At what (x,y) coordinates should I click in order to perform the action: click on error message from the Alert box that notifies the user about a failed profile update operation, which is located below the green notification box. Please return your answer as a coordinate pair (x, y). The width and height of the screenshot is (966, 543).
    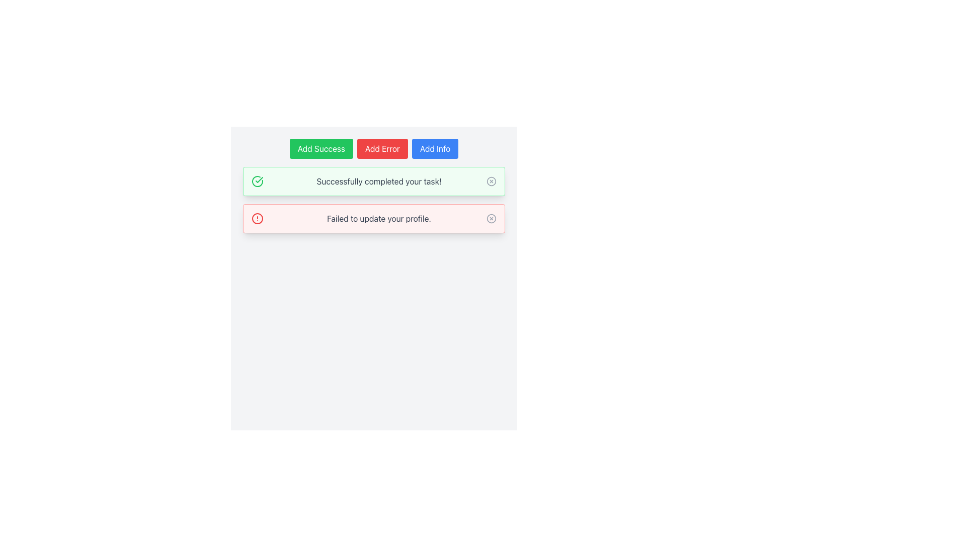
    Looking at the image, I should click on (373, 218).